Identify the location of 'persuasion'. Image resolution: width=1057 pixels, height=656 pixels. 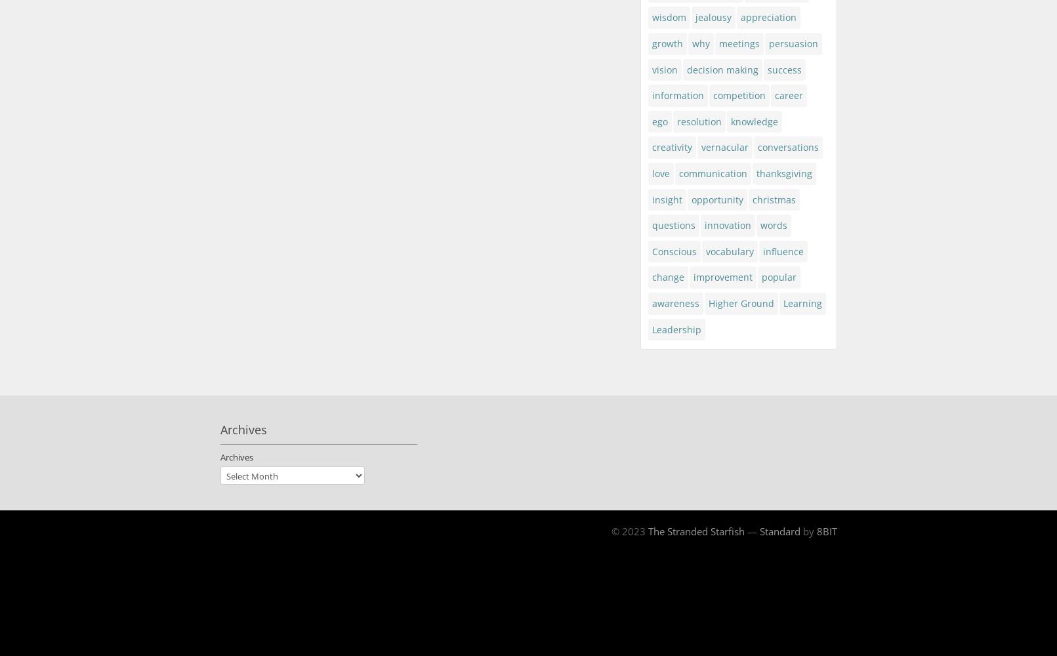
(792, 42).